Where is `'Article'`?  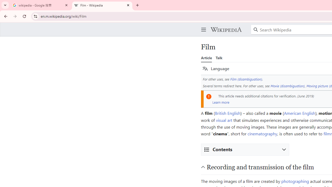 'Article' is located at coordinates (206, 58).